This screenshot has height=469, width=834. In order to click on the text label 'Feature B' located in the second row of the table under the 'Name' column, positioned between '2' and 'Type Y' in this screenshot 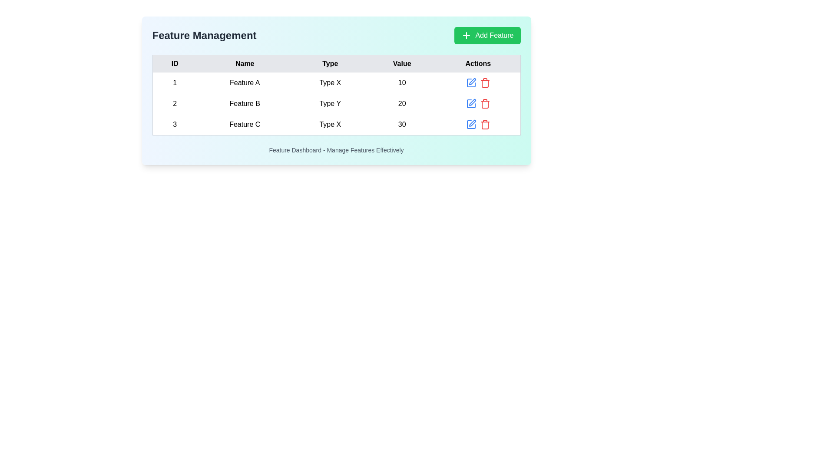, I will do `click(244, 103)`.